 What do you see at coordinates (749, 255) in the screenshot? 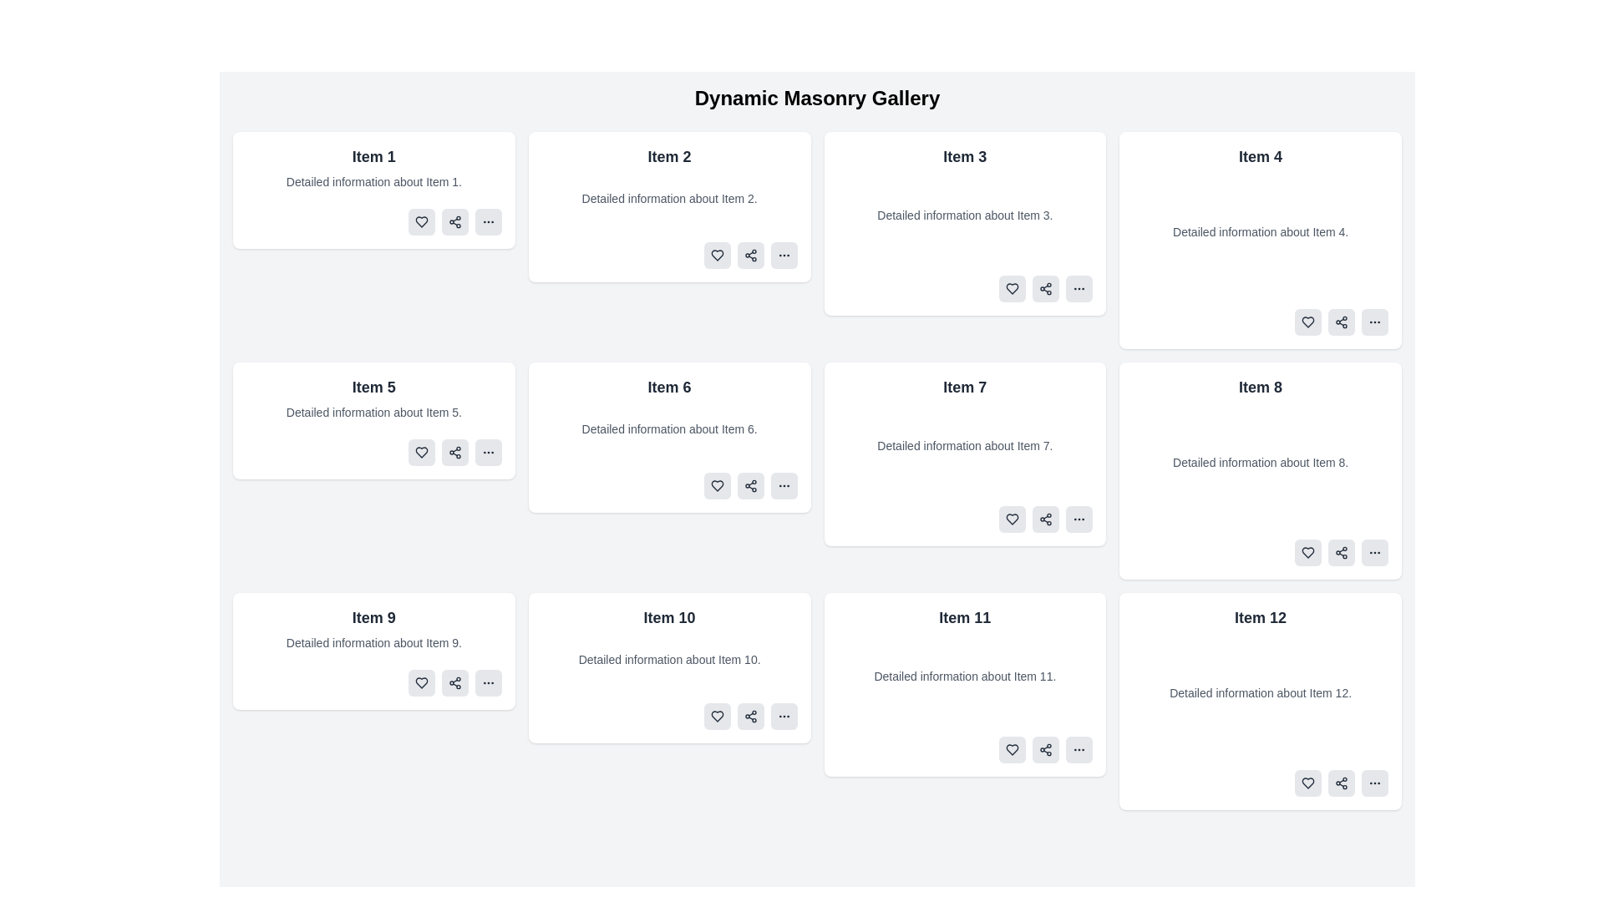
I see `the share icon button located in the bottom right corner of the card labeled 'Item 2'` at bounding box center [749, 255].